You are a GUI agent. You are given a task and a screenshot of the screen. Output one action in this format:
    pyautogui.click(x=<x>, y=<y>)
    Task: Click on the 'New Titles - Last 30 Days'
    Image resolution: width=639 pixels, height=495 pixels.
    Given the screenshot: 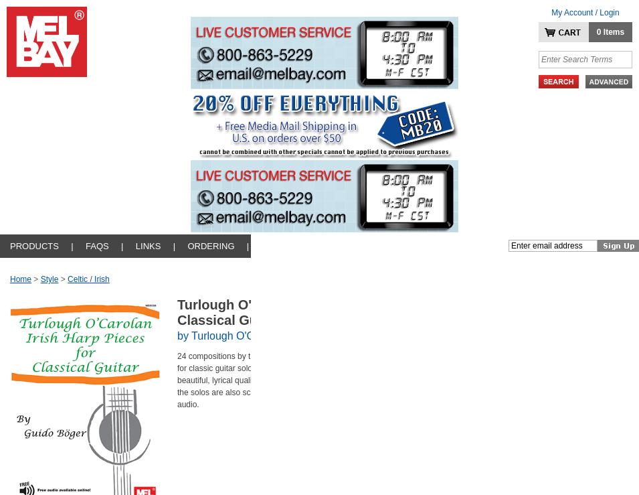 What is the action you would take?
    pyautogui.click(x=41, y=267)
    